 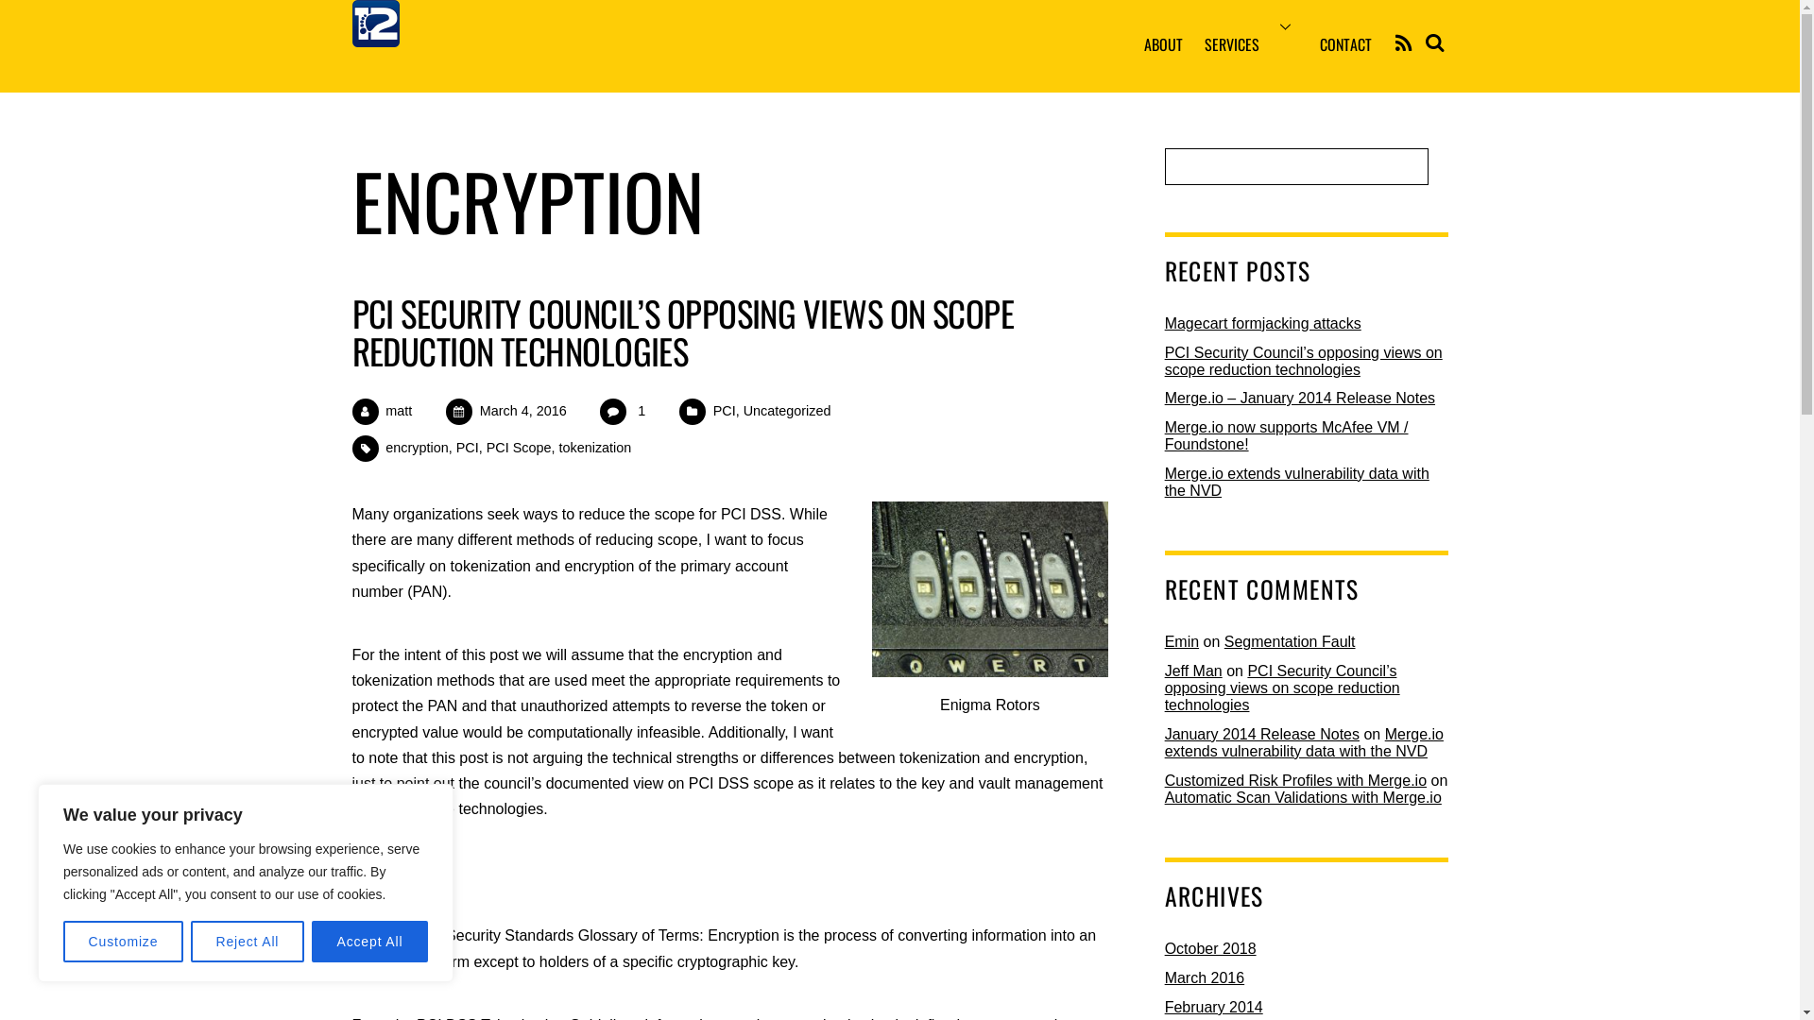 What do you see at coordinates (1294, 780) in the screenshot?
I see `'Customized Risk Profiles with Merge.io'` at bounding box center [1294, 780].